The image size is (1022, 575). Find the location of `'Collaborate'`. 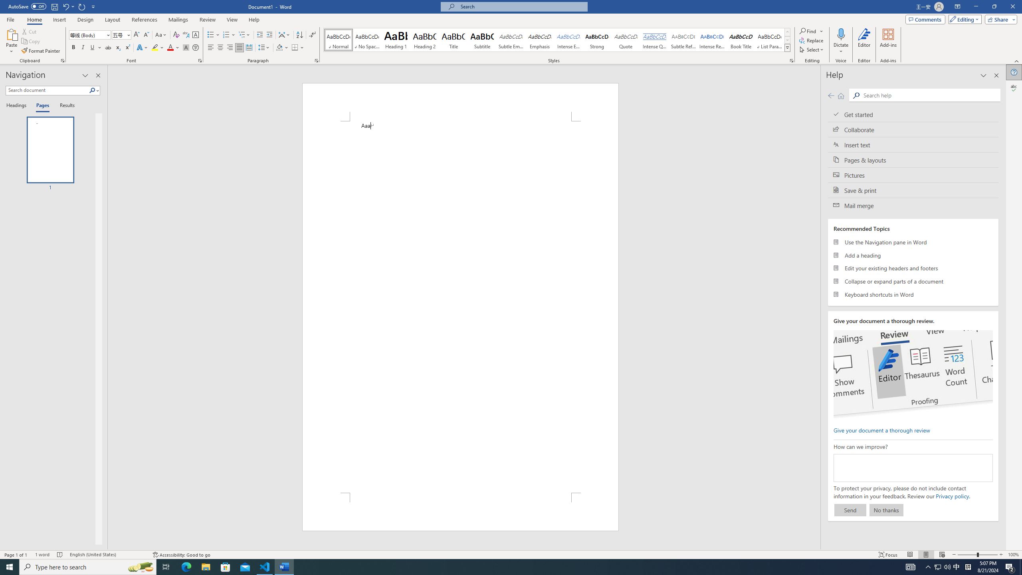

'Collaborate' is located at coordinates (913, 129).